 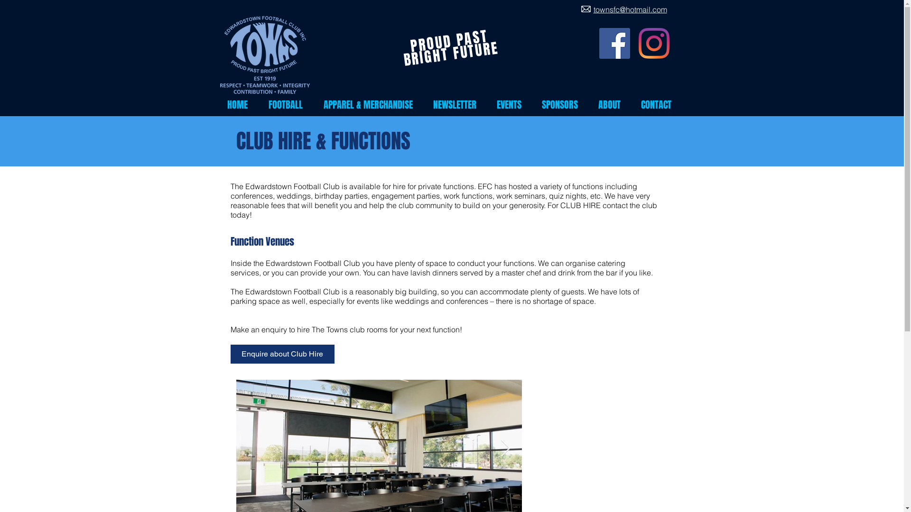 What do you see at coordinates (591, 105) in the screenshot?
I see `'ABOUT'` at bounding box center [591, 105].